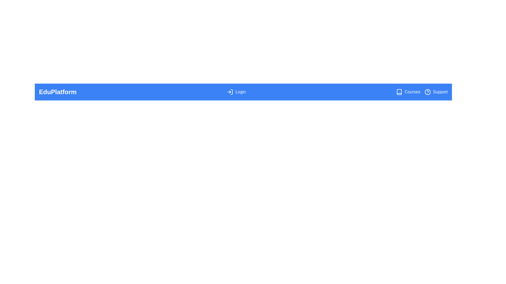 The width and height of the screenshot is (506, 284). What do you see at coordinates (408, 92) in the screenshot?
I see `the horizontal navigation link labeled 'Courses' with white text and a book icon` at bounding box center [408, 92].